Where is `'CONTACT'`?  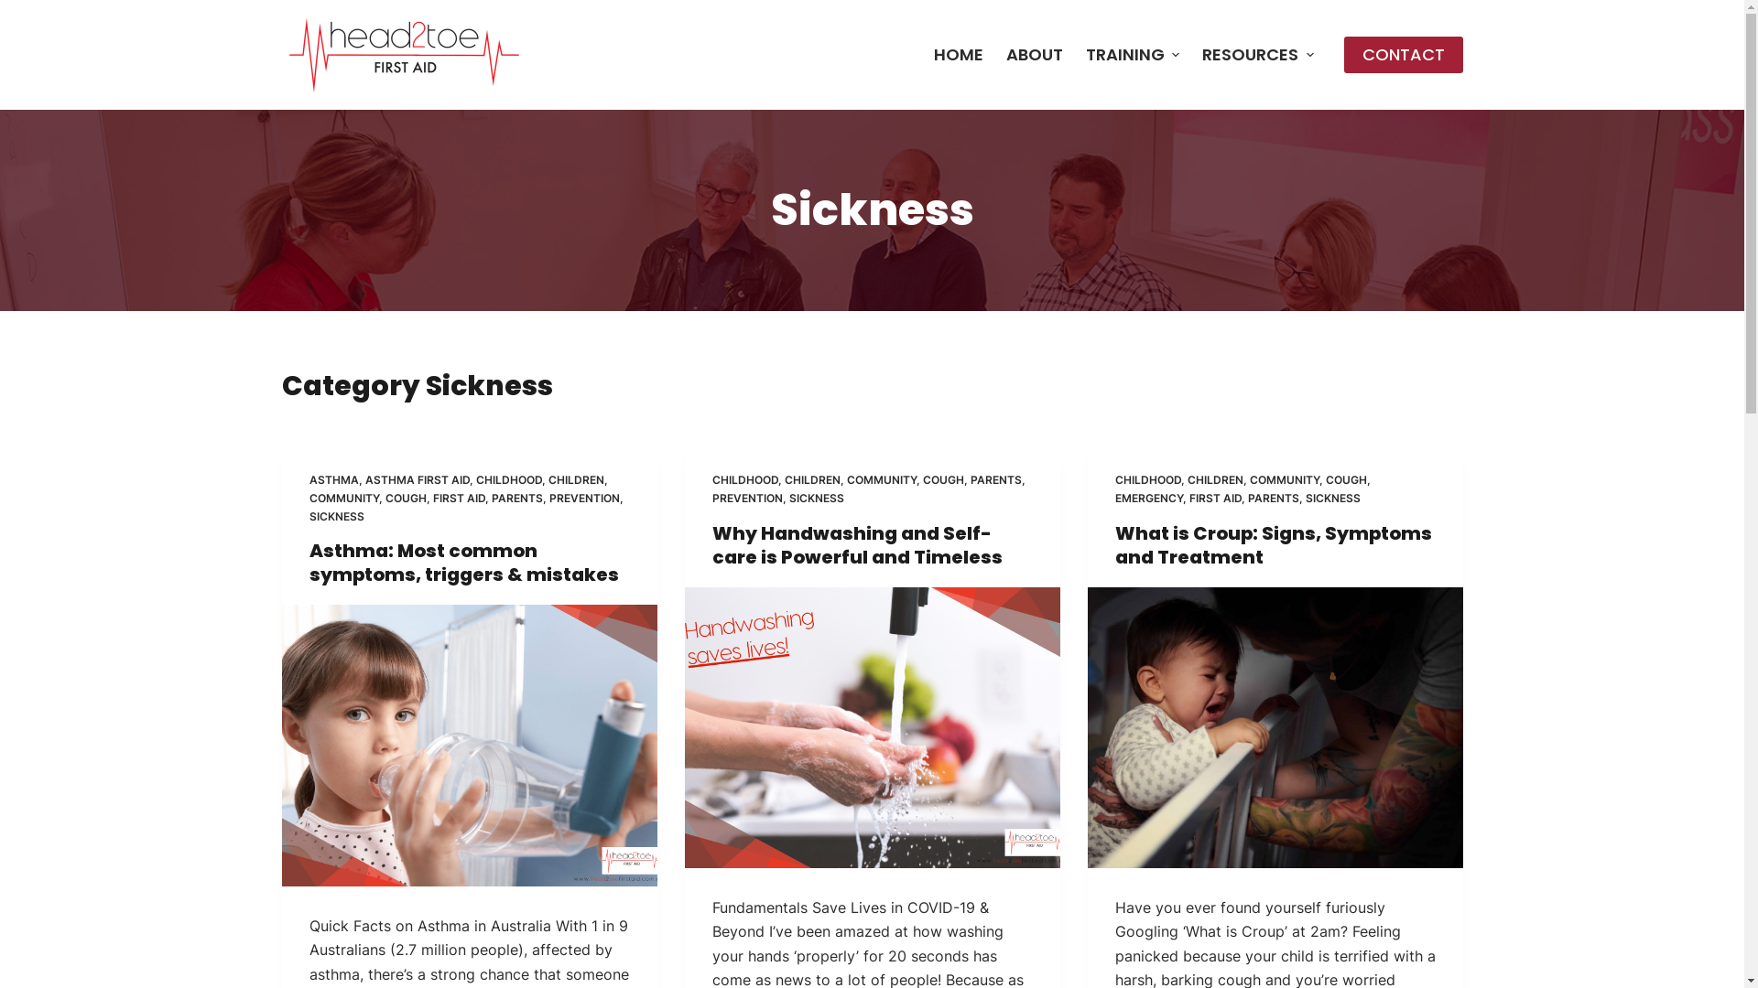
'CONTACT' is located at coordinates (1344, 54).